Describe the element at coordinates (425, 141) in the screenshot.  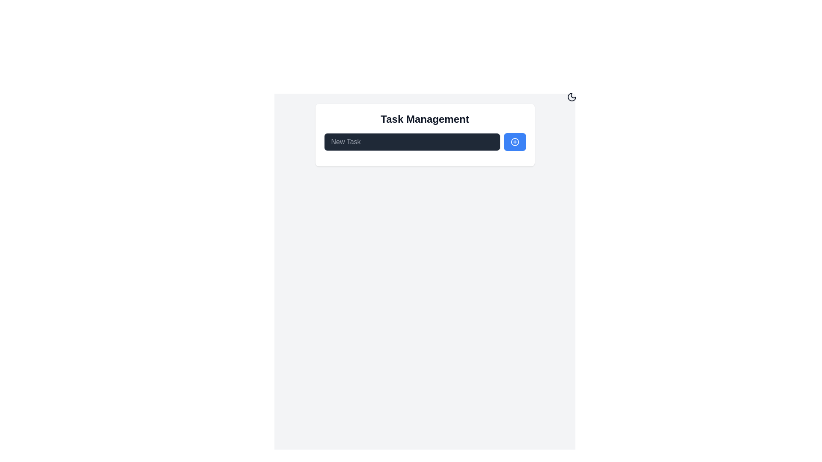
I see `the text input field within the 'Task Management' card to type a new task name` at that location.